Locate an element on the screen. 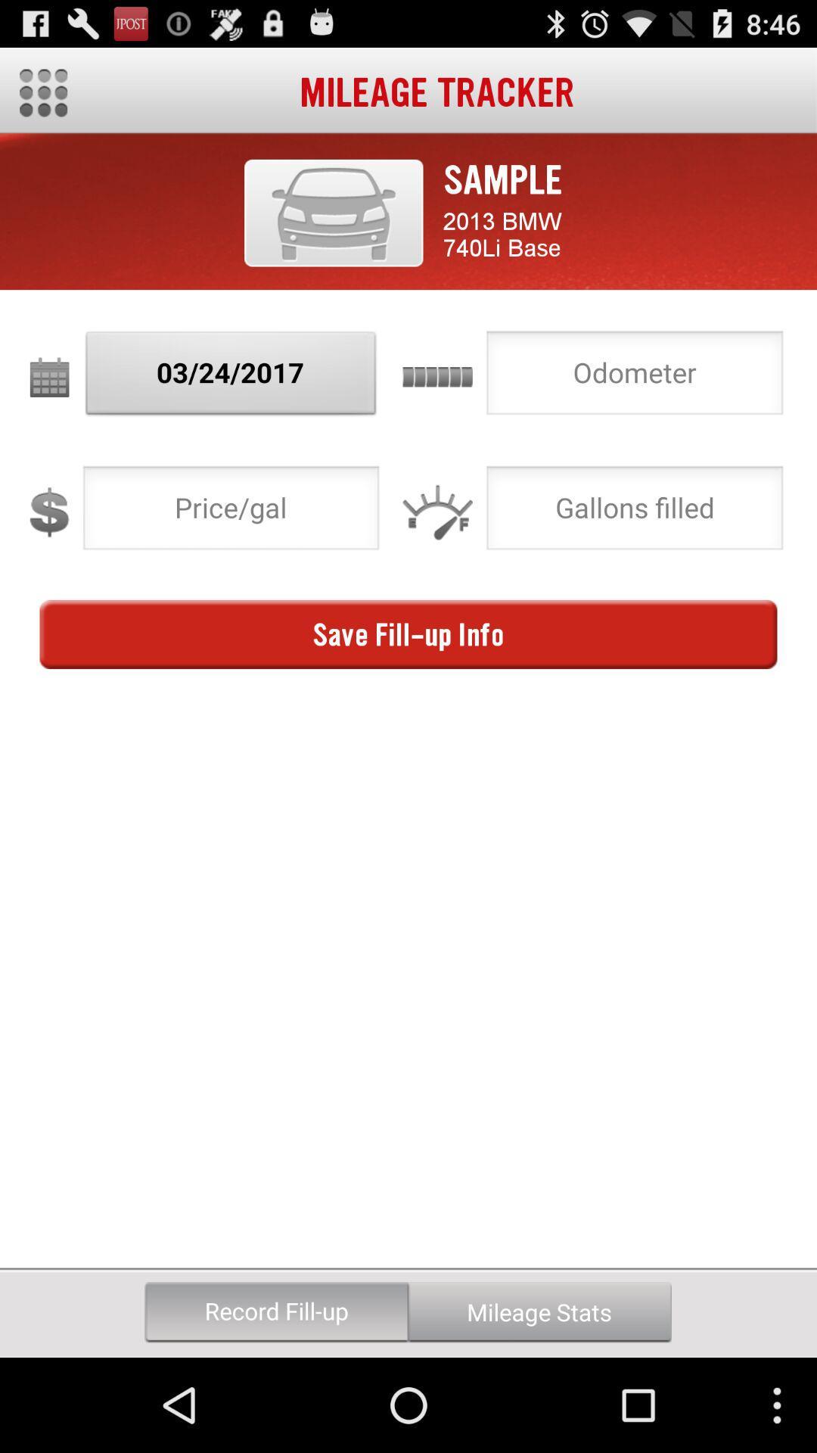  the item next to the mileage tracker is located at coordinates (42, 92).